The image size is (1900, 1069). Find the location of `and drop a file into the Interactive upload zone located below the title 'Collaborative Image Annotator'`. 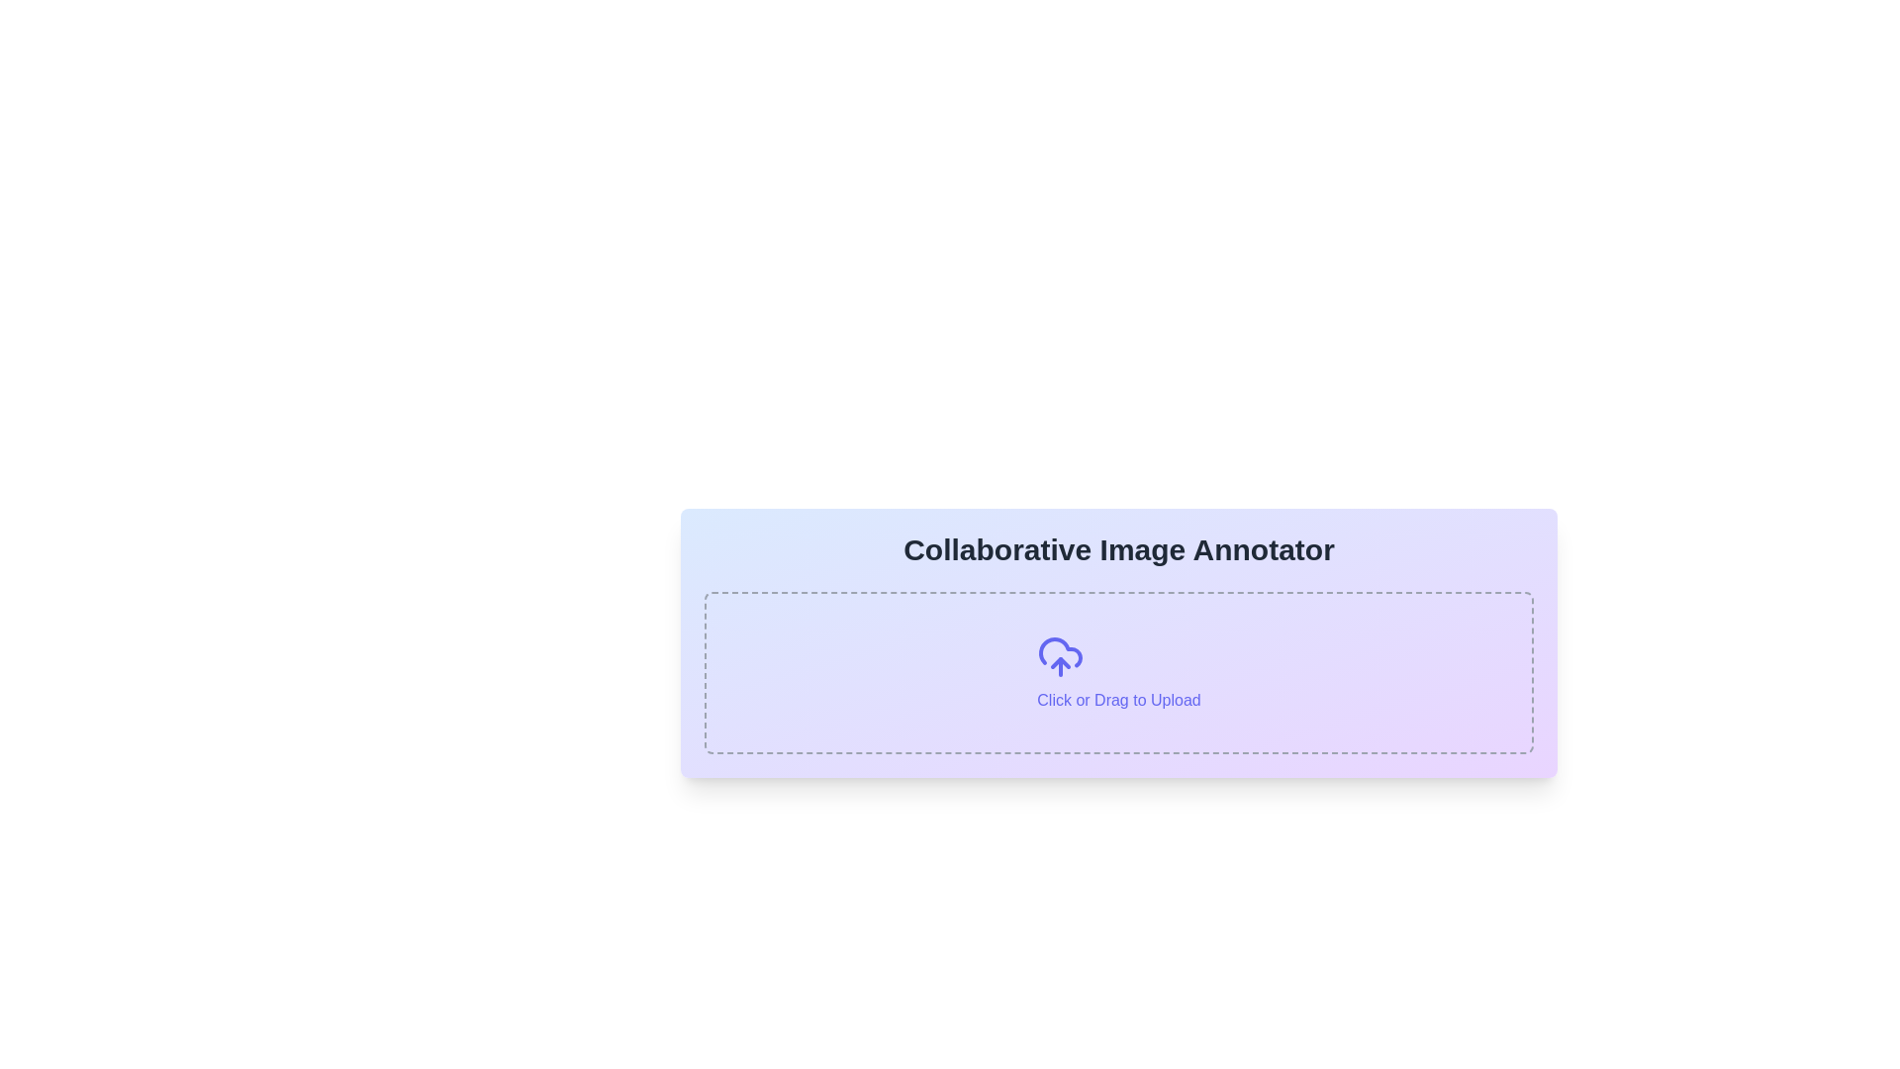

and drop a file into the Interactive upload zone located below the title 'Collaborative Image Annotator' is located at coordinates (1119, 671).